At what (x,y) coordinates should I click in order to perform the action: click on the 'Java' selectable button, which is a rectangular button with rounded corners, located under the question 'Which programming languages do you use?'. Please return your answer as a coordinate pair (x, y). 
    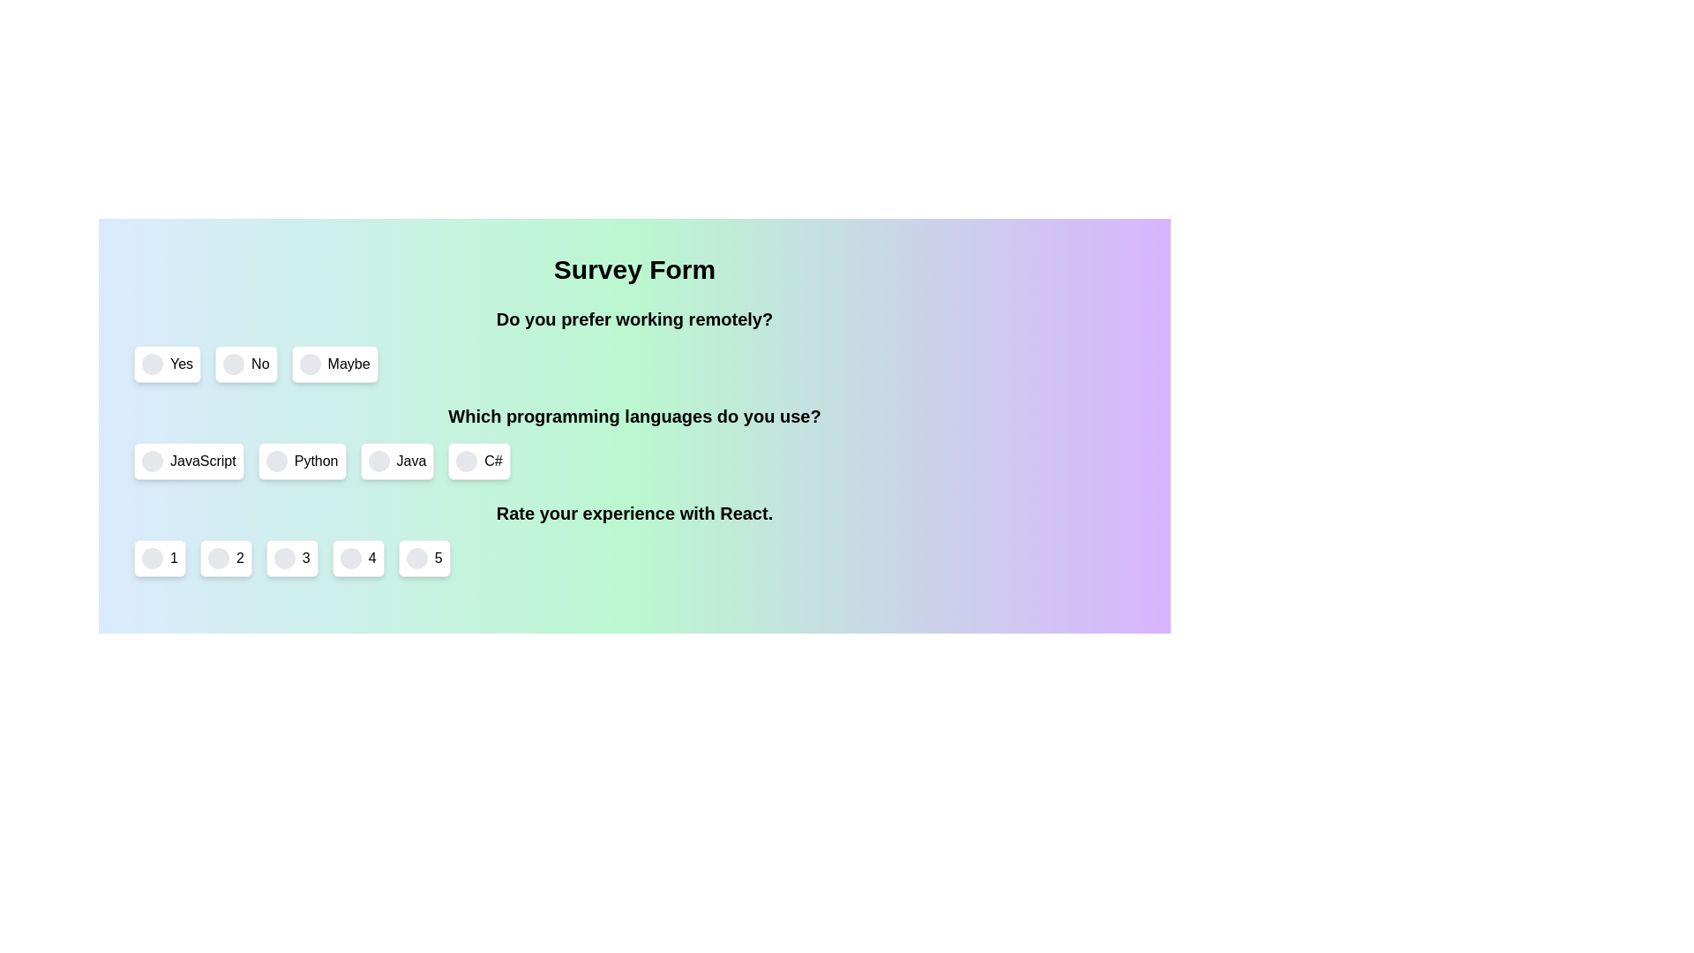
    Looking at the image, I should click on (396, 461).